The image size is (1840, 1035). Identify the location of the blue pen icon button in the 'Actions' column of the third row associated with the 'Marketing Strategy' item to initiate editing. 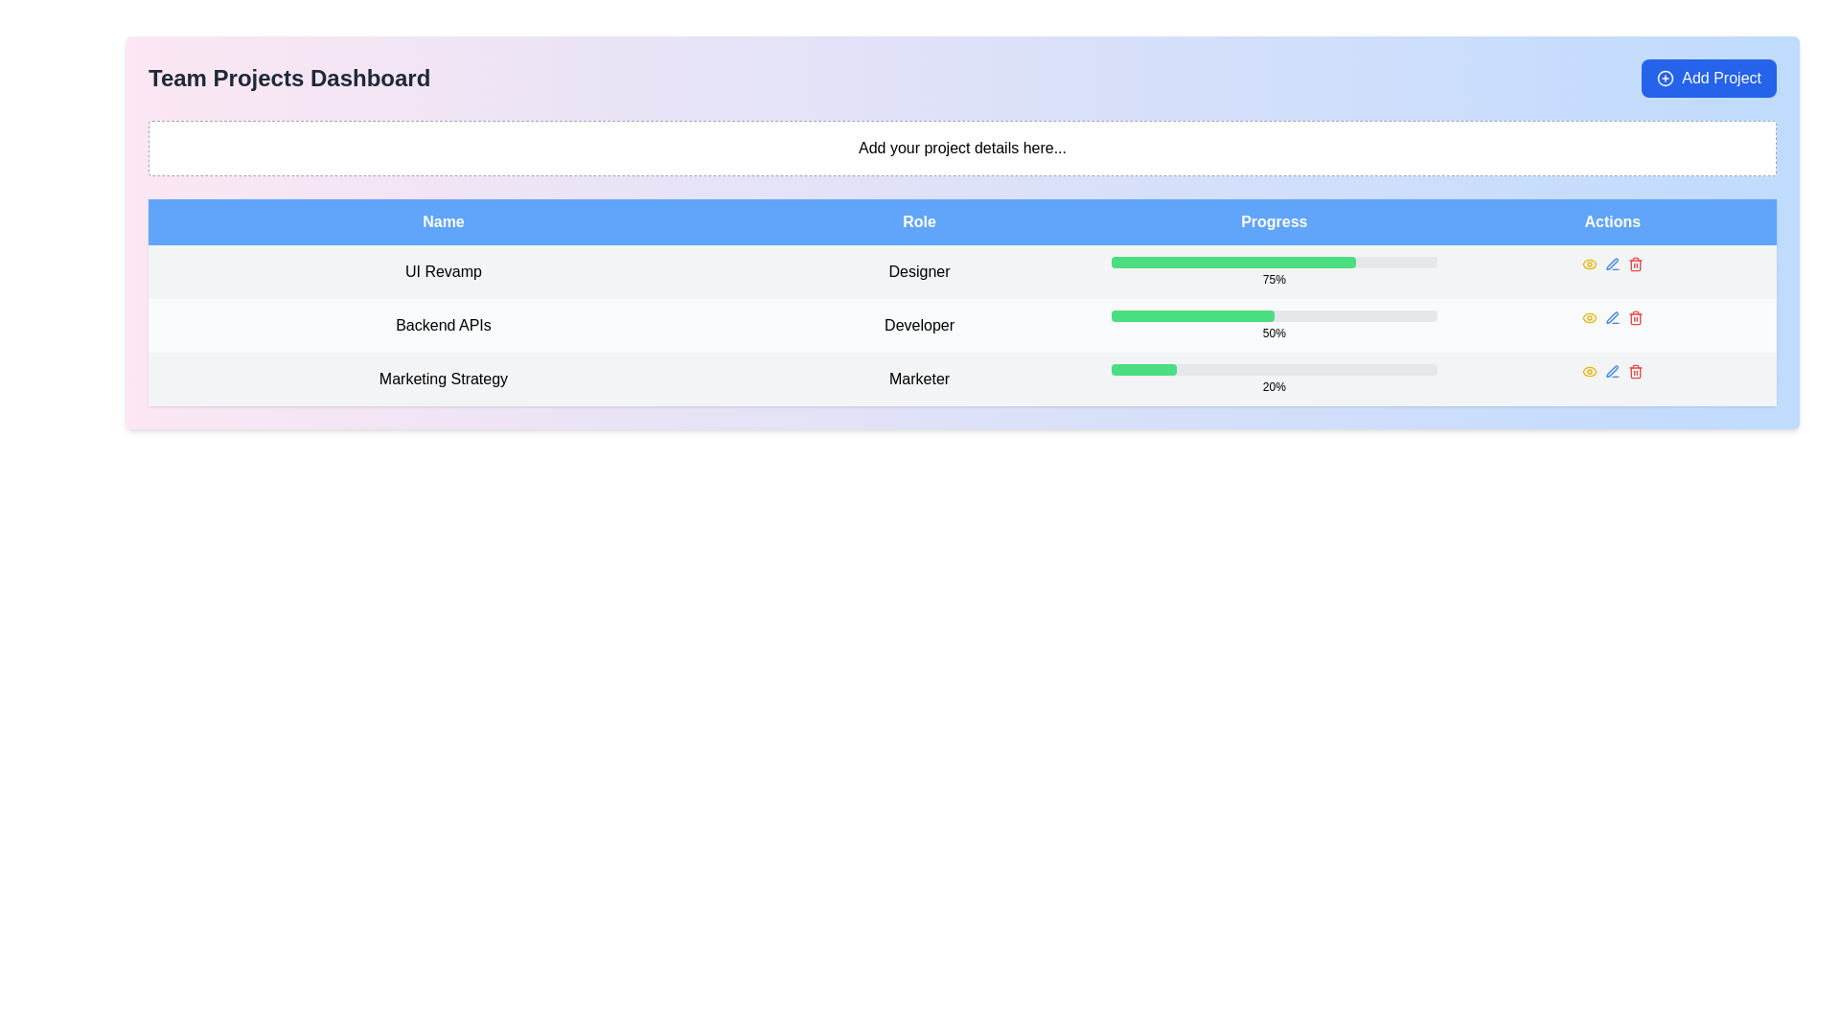
(1611, 372).